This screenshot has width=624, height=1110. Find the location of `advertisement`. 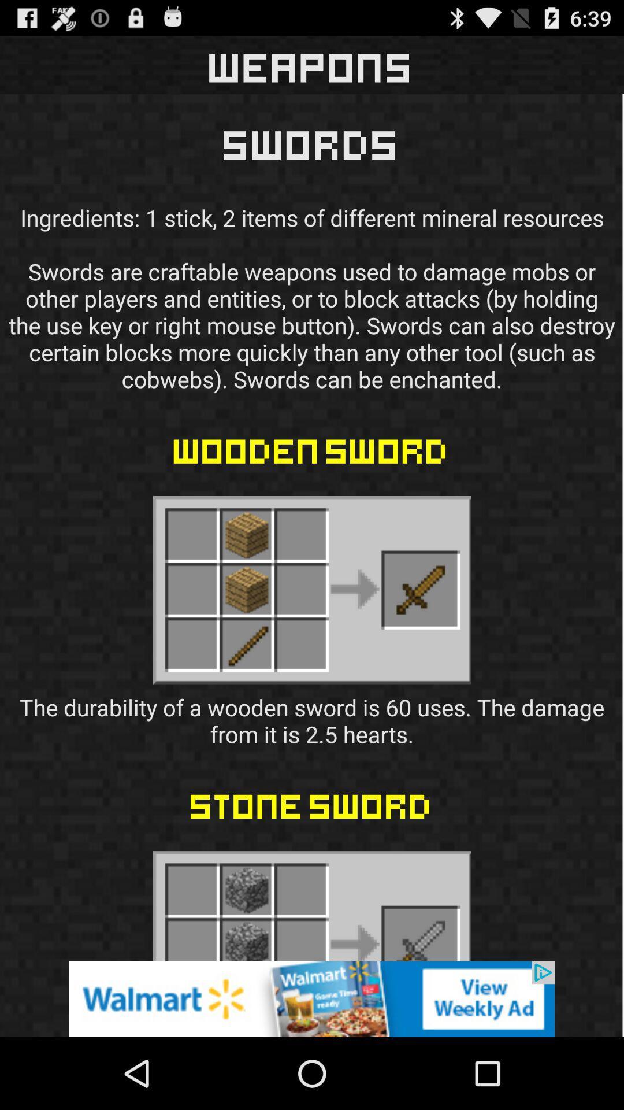

advertisement is located at coordinates (312, 998).